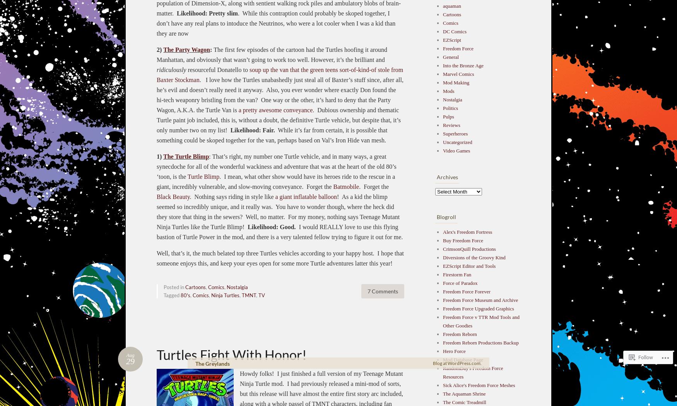  Describe the element at coordinates (203, 176) in the screenshot. I see `'Turtle Blimp'` at that location.